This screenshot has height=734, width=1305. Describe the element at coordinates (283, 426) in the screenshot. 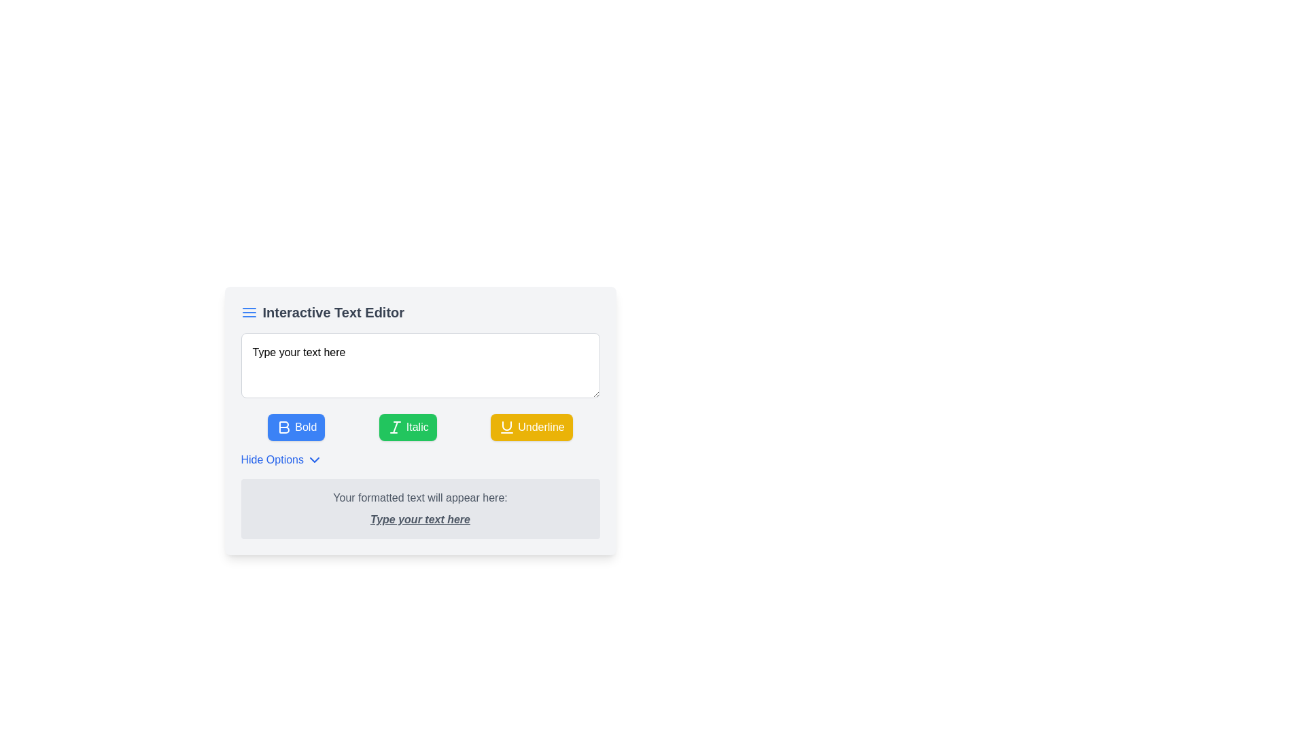

I see `the bold icon within the SVG tag of the Bold button in the text editor toolbar` at that location.